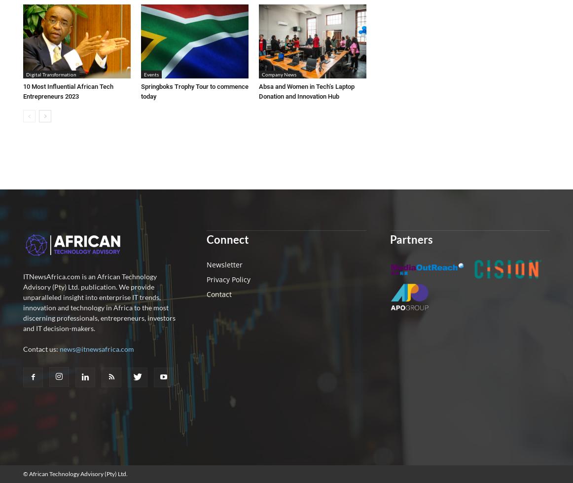 The width and height of the screenshot is (573, 483). What do you see at coordinates (22, 91) in the screenshot?
I see `'10 Most Influential African Tech Entrepreneurs 2023'` at bounding box center [22, 91].